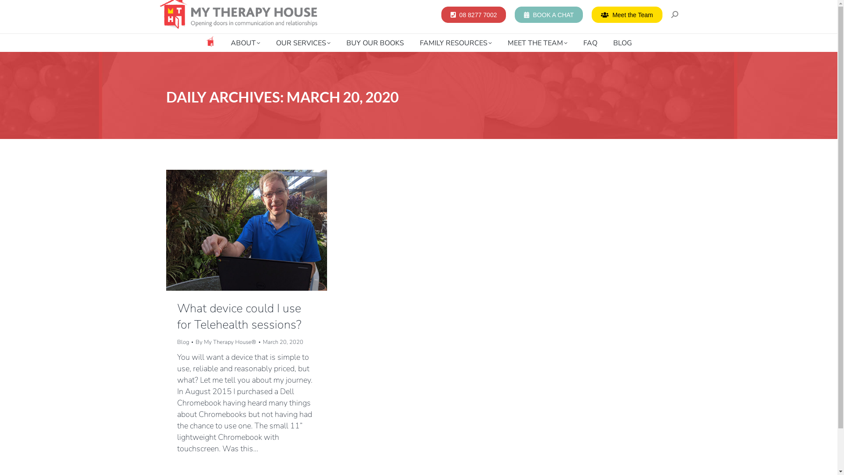  I want to click on '  08 8277 7002', so click(473, 14).